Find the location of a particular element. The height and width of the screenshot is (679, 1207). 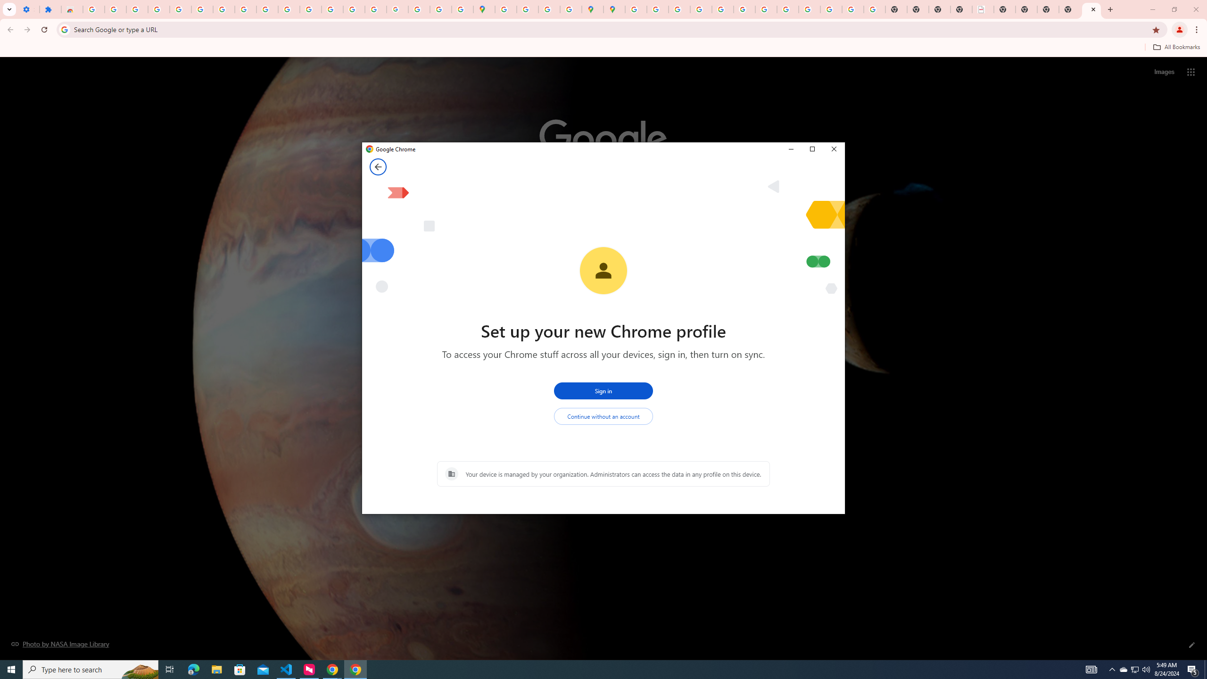

'Privacy Help Center - Policies Help' is located at coordinates (700, 9).